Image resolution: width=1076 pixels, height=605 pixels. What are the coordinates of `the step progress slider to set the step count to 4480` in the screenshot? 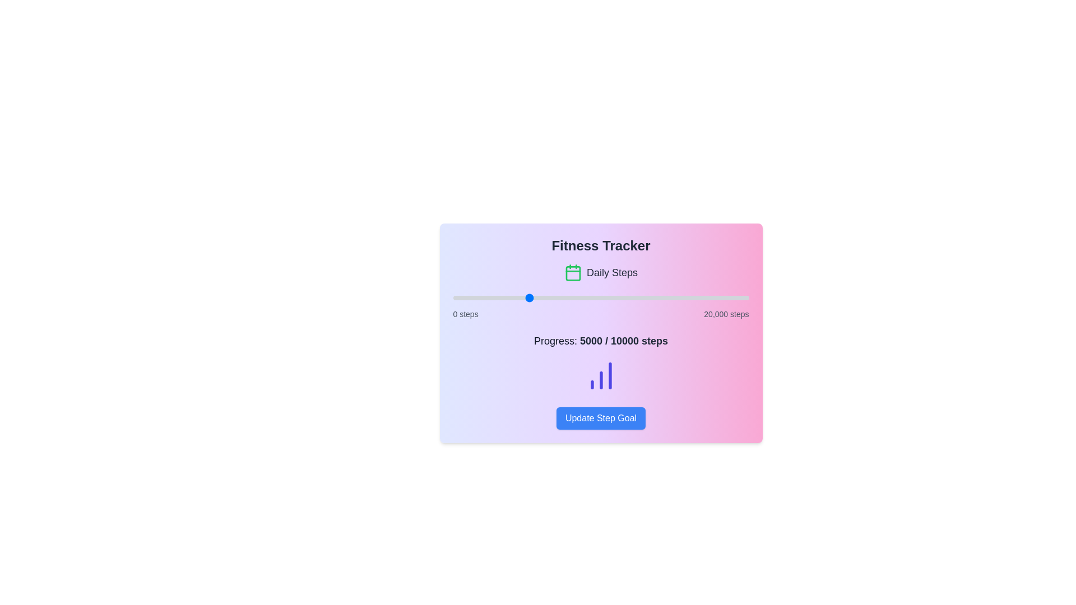 It's located at (518, 297).